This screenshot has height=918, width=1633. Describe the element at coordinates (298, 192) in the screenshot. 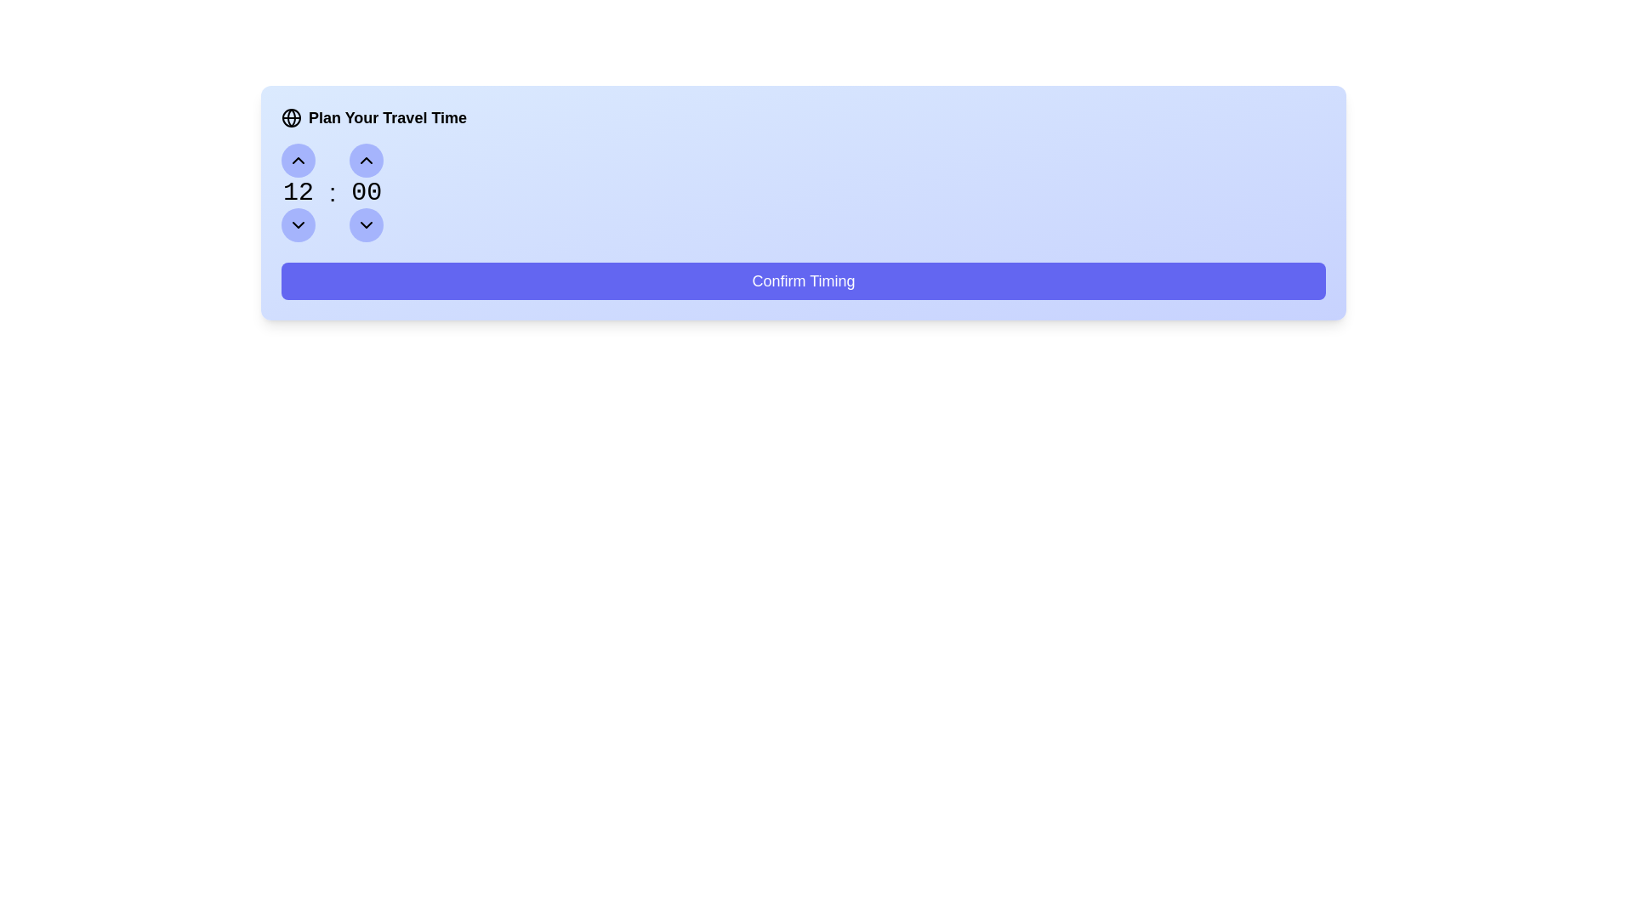

I see `value displayed in the Text label that shows the current hour in the time selector, located between the upward and downward arrows` at that location.